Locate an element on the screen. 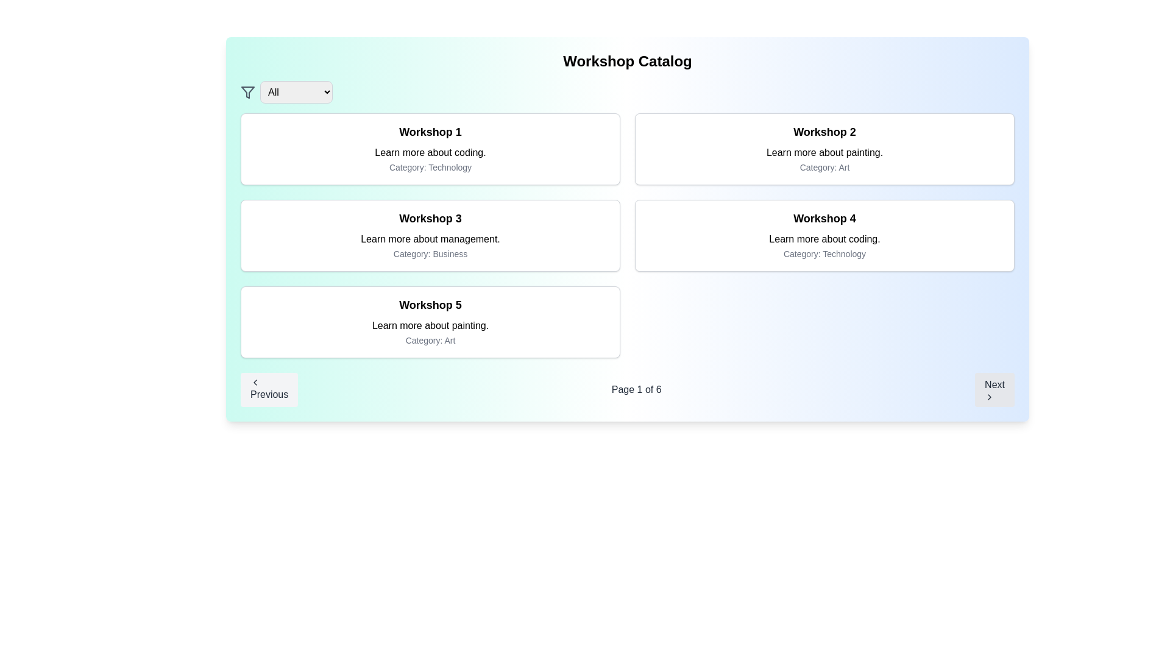 The image size is (1170, 658). bold text label displaying 'Workshop 1', which is prominently styled in black at the top of the first workshop card in the grid layout is located at coordinates (430, 132).